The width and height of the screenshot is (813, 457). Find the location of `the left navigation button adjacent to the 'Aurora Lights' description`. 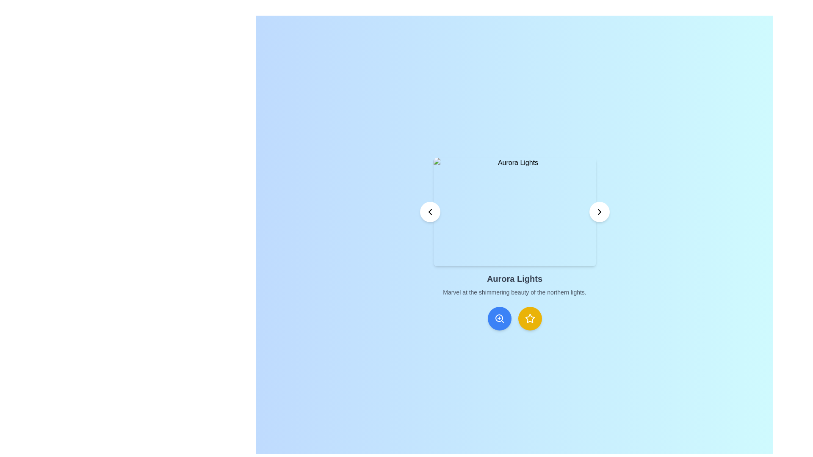

the left navigation button adjacent to the 'Aurora Lights' description is located at coordinates (430, 212).